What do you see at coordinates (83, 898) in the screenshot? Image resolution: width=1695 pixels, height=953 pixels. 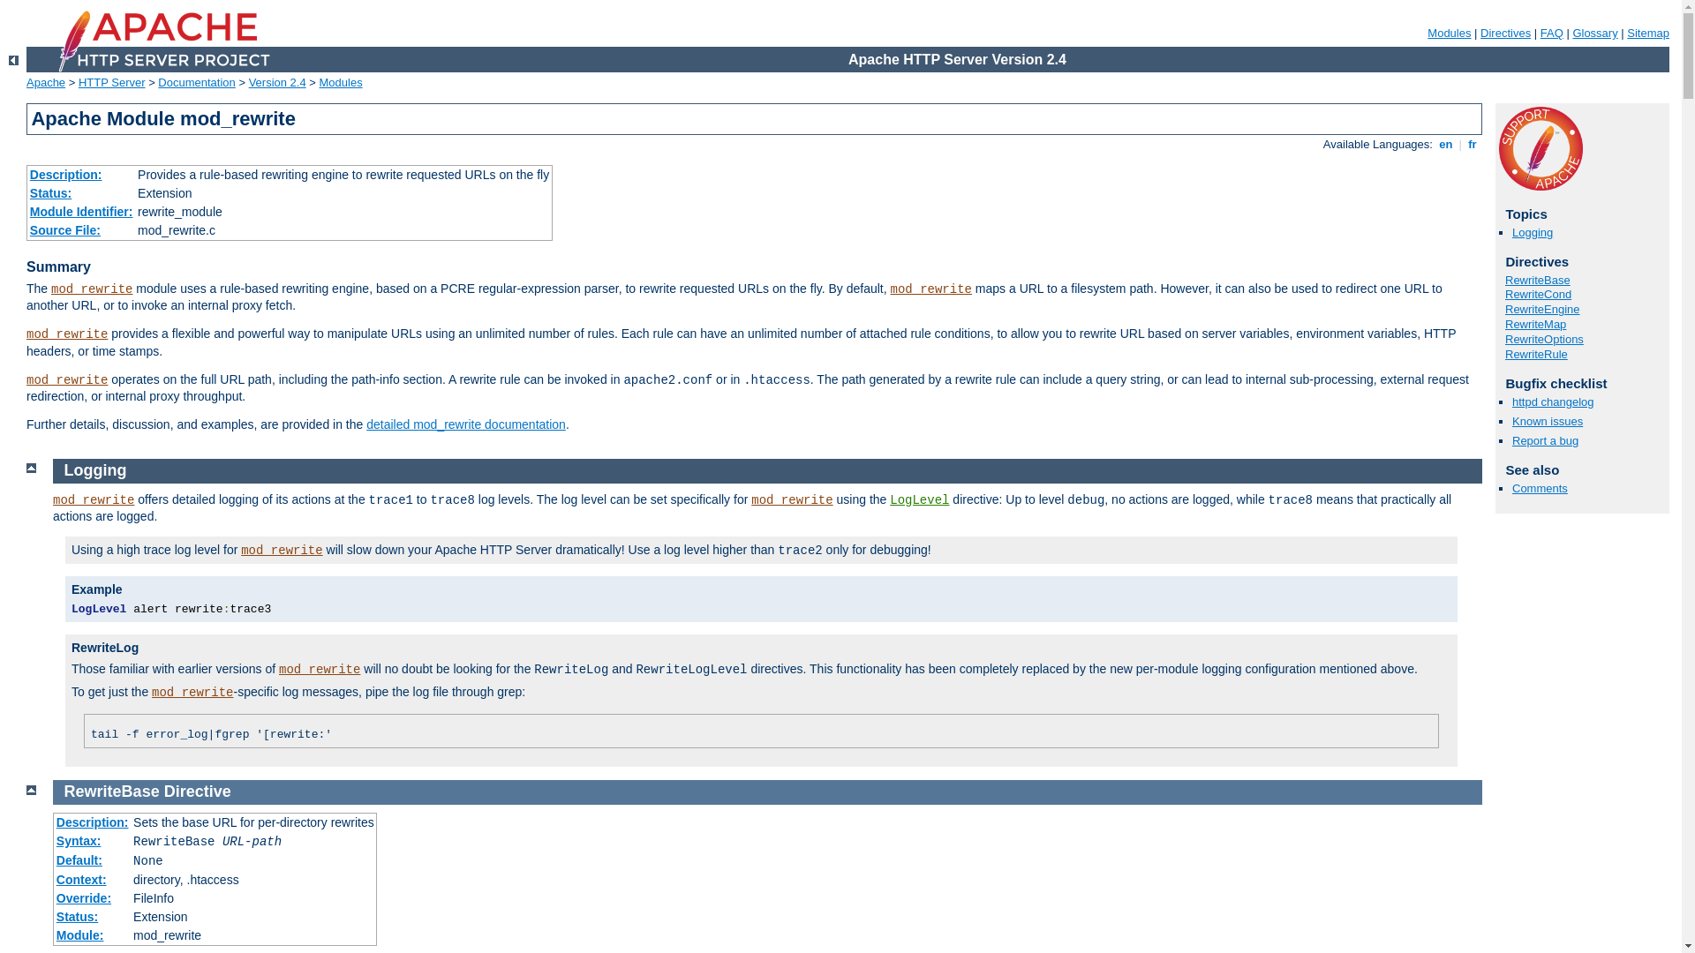 I see `'Override:'` at bounding box center [83, 898].